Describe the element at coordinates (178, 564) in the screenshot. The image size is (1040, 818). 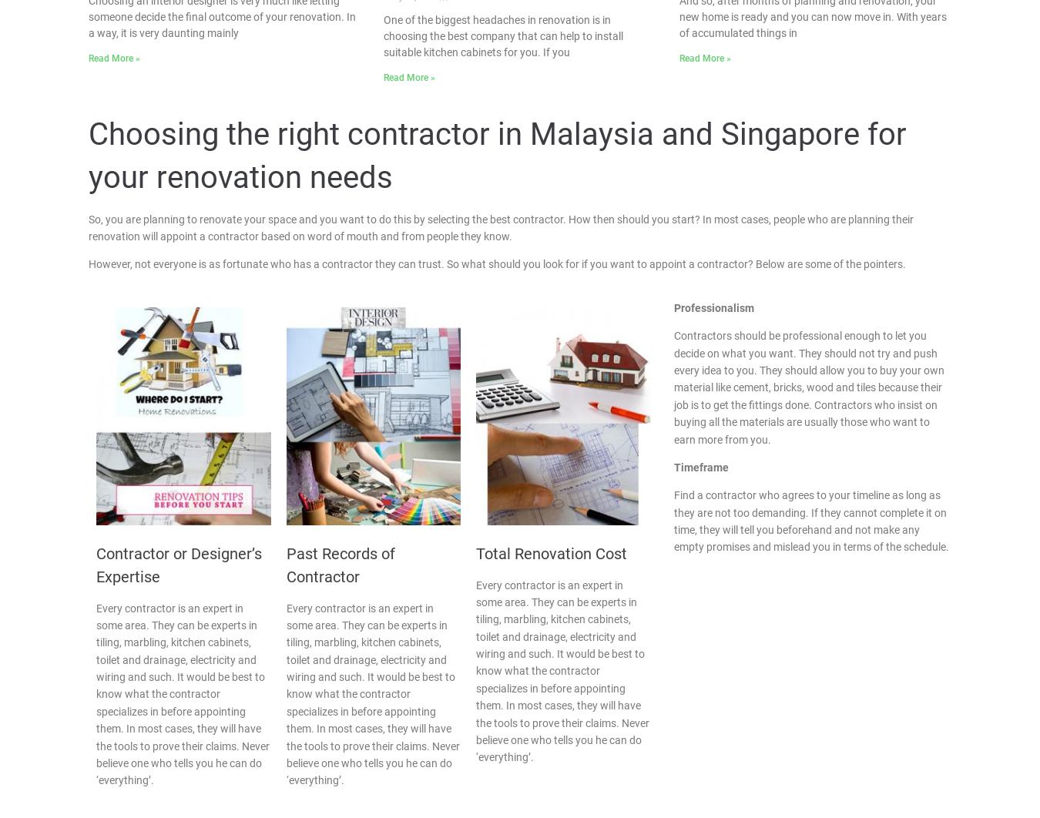
I see `'Contractor or Designer’s Expertise'` at that location.